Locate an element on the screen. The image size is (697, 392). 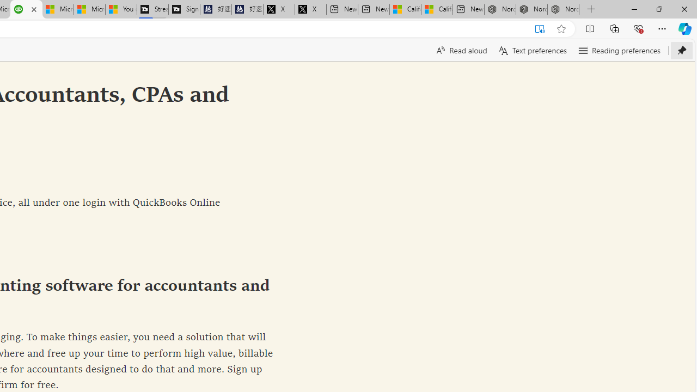
'Unpin toolbar' is located at coordinates (681, 50).